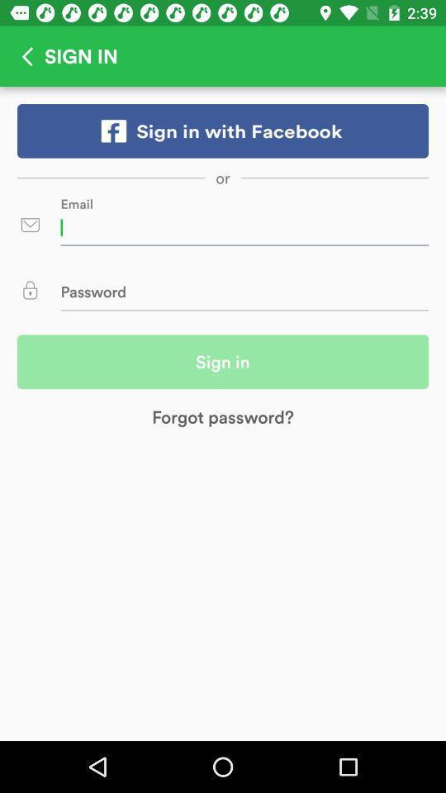 The width and height of the screenshot is (446, 793). What do you see at coordinates (21, 56) in the screenshot?
I see `previous` at bounding box center [21, 56].